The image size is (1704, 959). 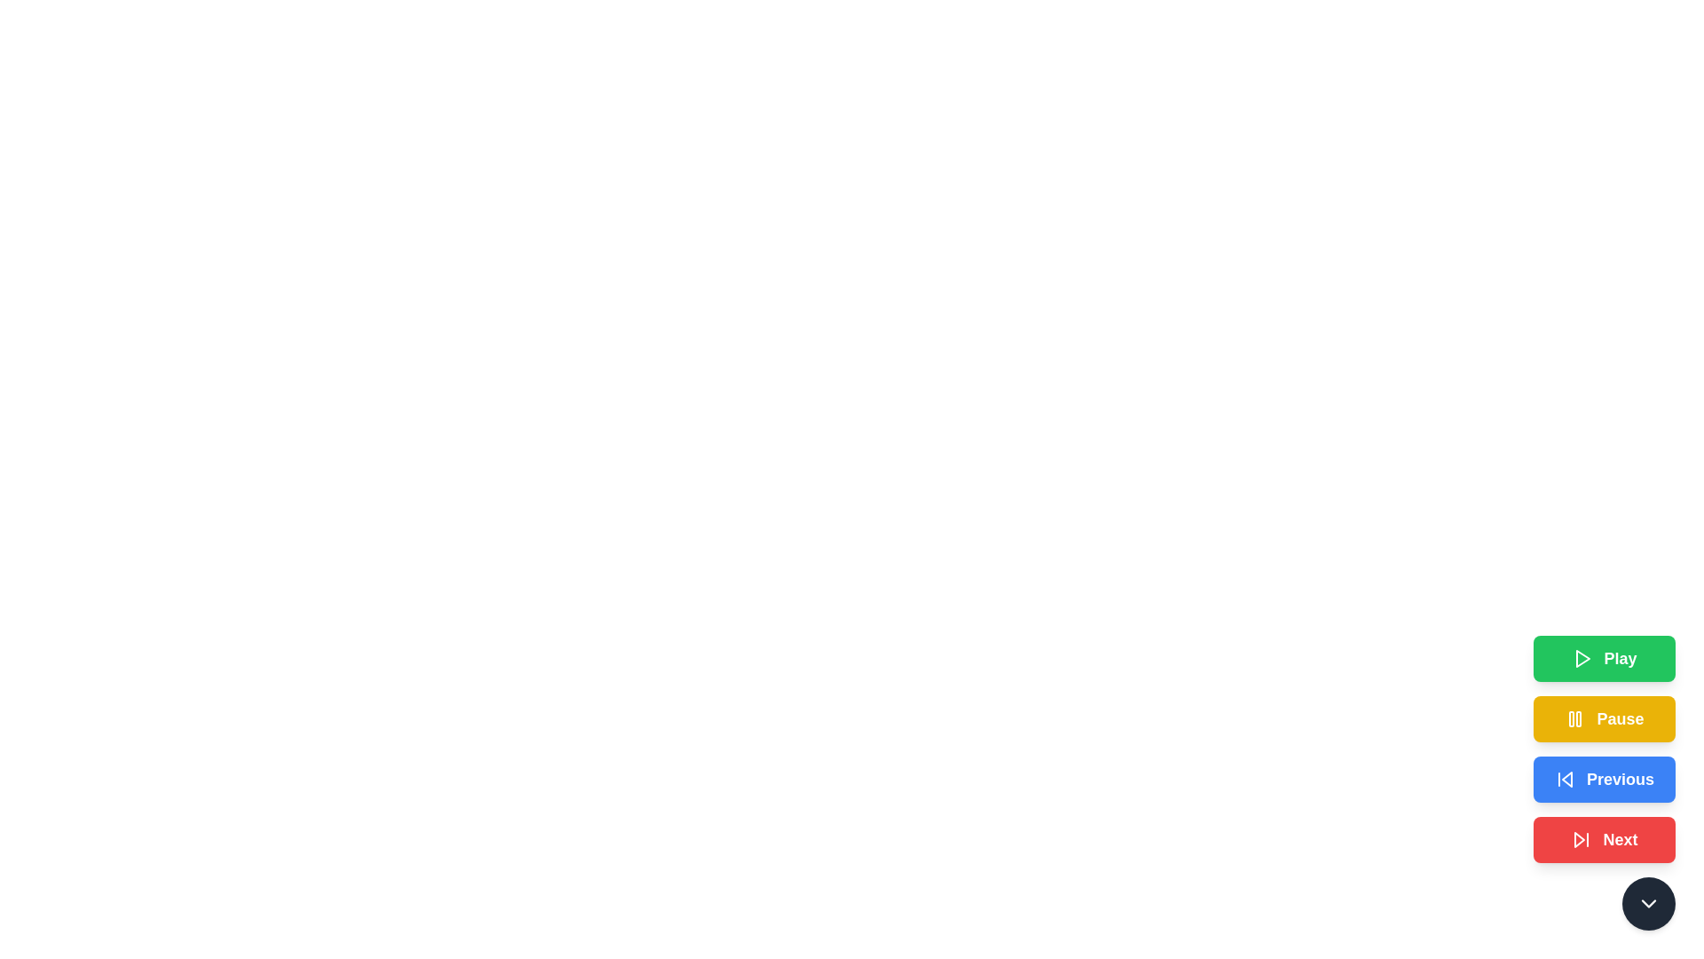 I want to click on the Previous button to perform the corresponding action, so click(x=1605, y=779).